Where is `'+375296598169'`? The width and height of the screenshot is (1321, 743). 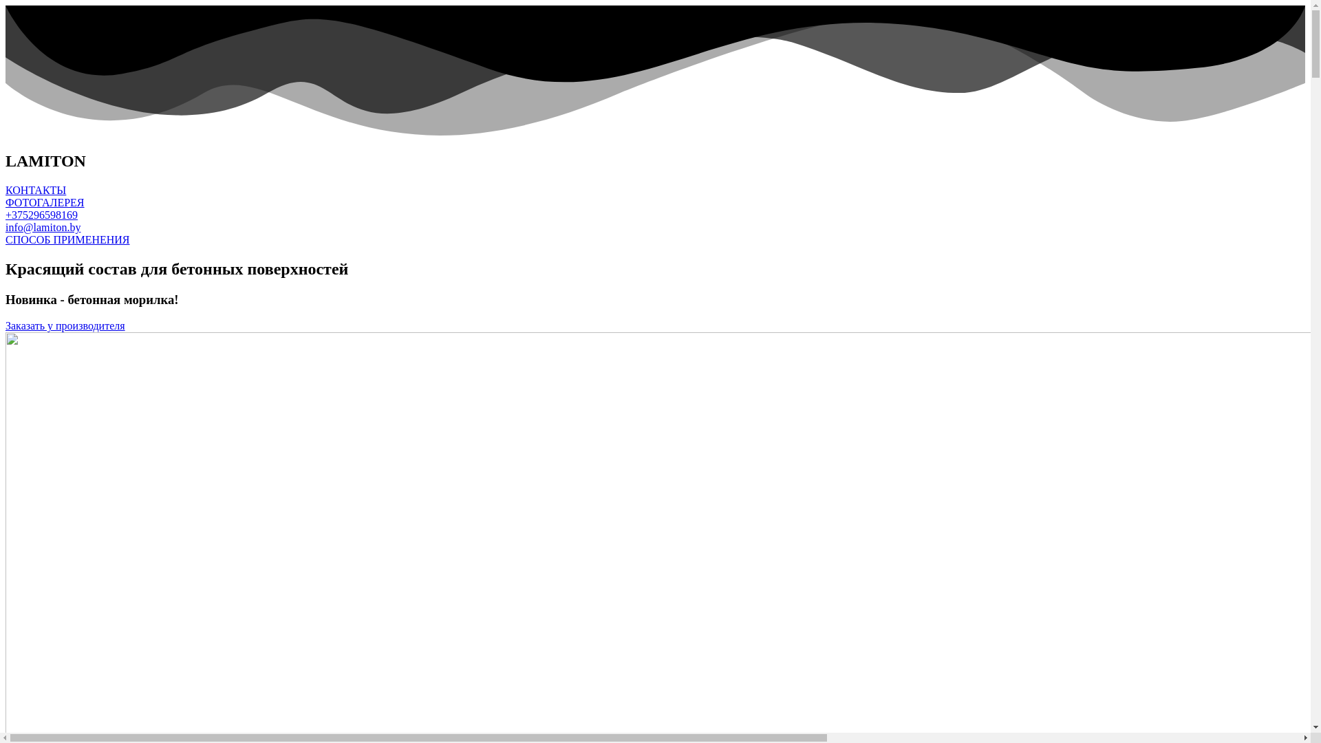
'+375296598169' is located at coordinates (41, 215).